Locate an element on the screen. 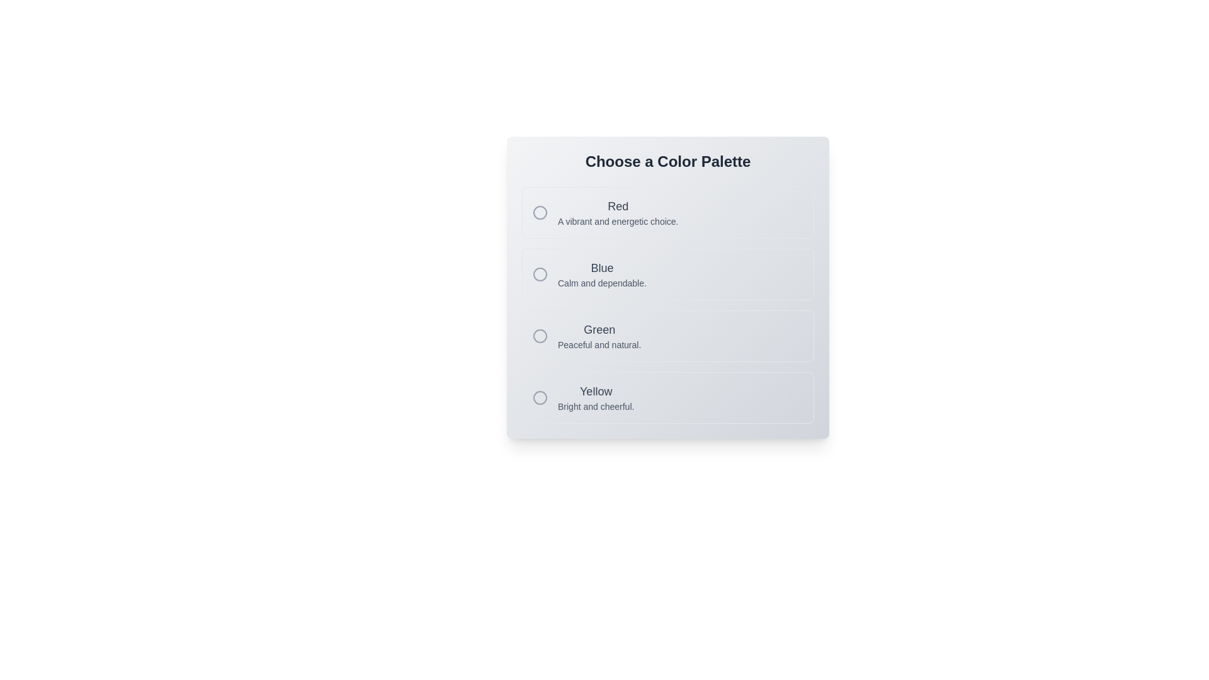  the second radio button option for the 'Blue' selection in the survey to potentially receive feedback is located at coordinates (540, 273).